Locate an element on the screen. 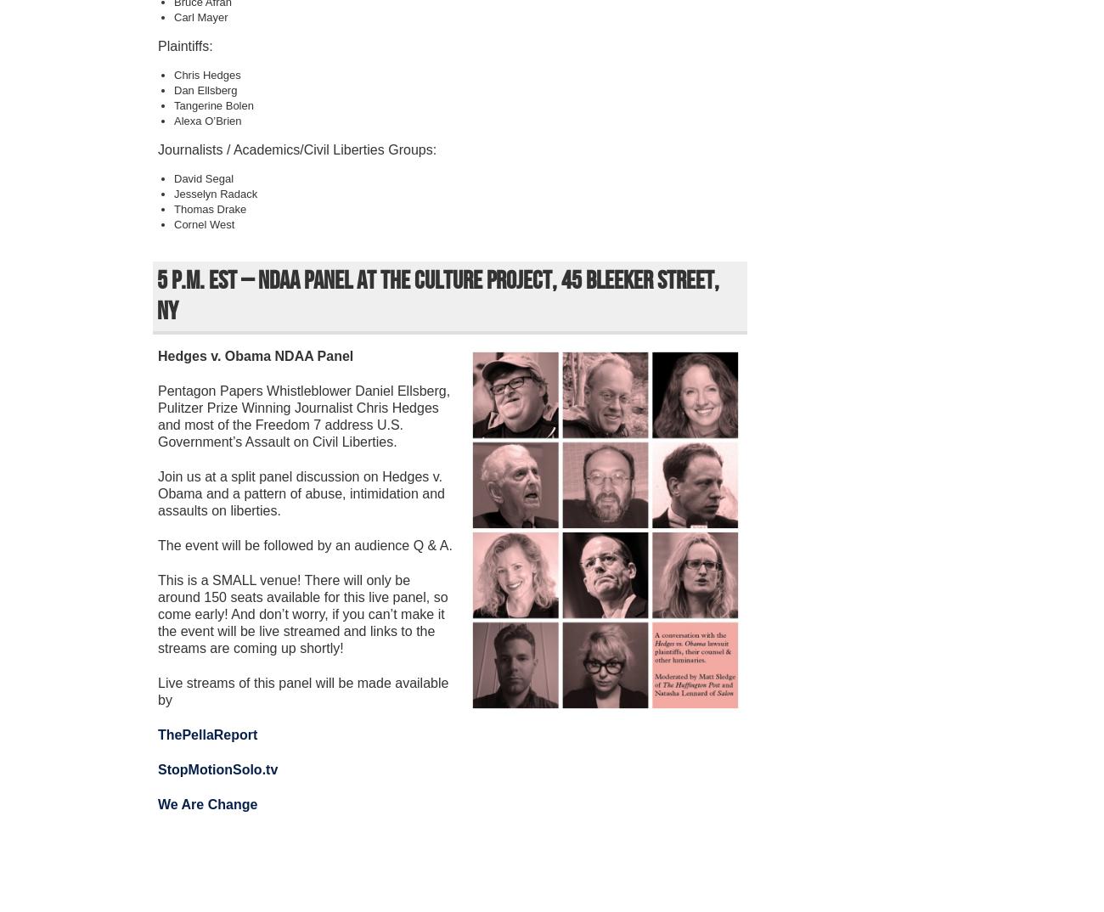  'Live streams of this panel will be made available by' is located at coordinates (301, 691).